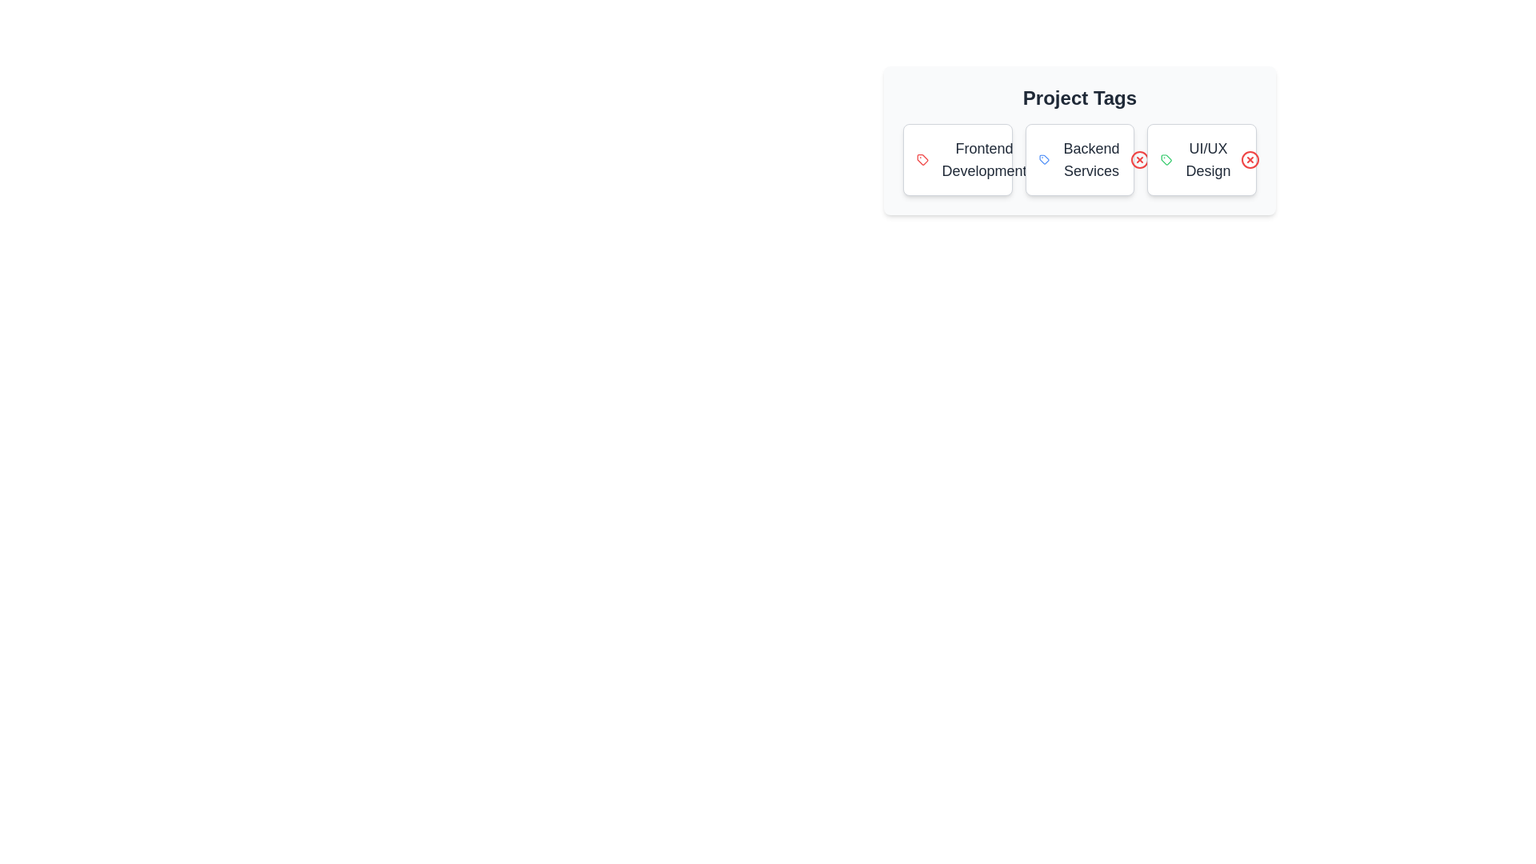 This screenshot has width=1536, height=864. What do you see at coordinates (1250, 160) in the screenshot?
I see `close button for the tag labeled 'UI/UX Design'` at bounding box center [1250, 160].